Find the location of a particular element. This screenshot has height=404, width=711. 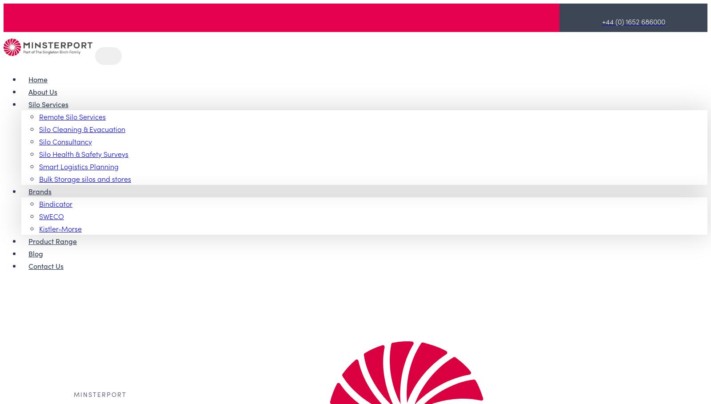

'Silo Services' is located at coordinates (48, 103).